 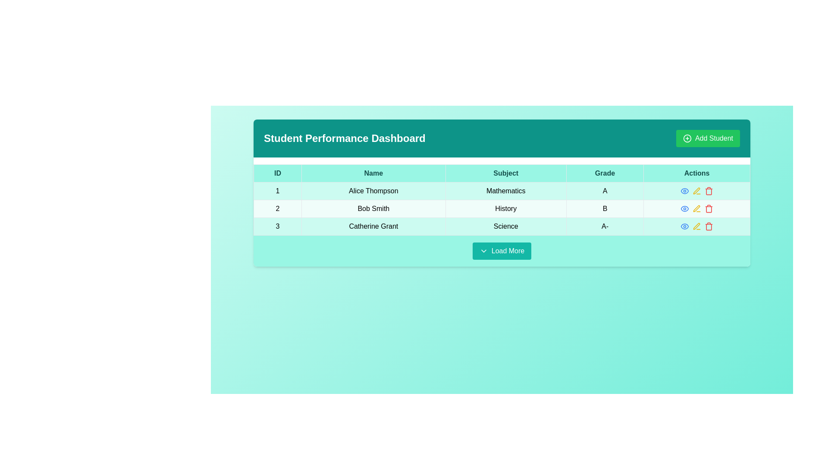 I want to click on the text label displaying 'Science' in the Subject column associated with 'Catherine Grant' in the third row of the table, so click(x=506, y=226).